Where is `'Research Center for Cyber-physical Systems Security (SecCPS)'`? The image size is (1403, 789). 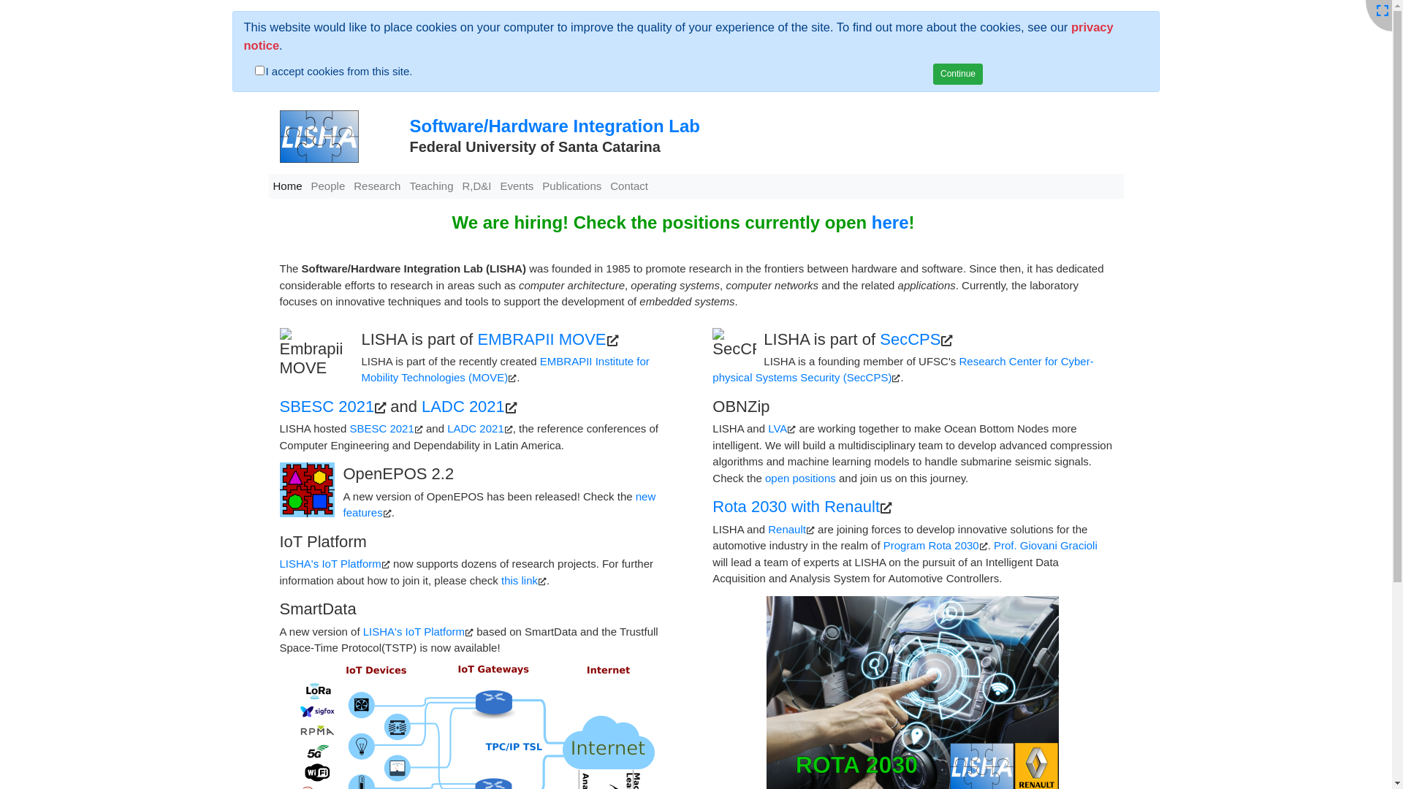
'Research Center for Cyber-physical Systems Security (SecCPS)' is located at coordinates (902, 368).